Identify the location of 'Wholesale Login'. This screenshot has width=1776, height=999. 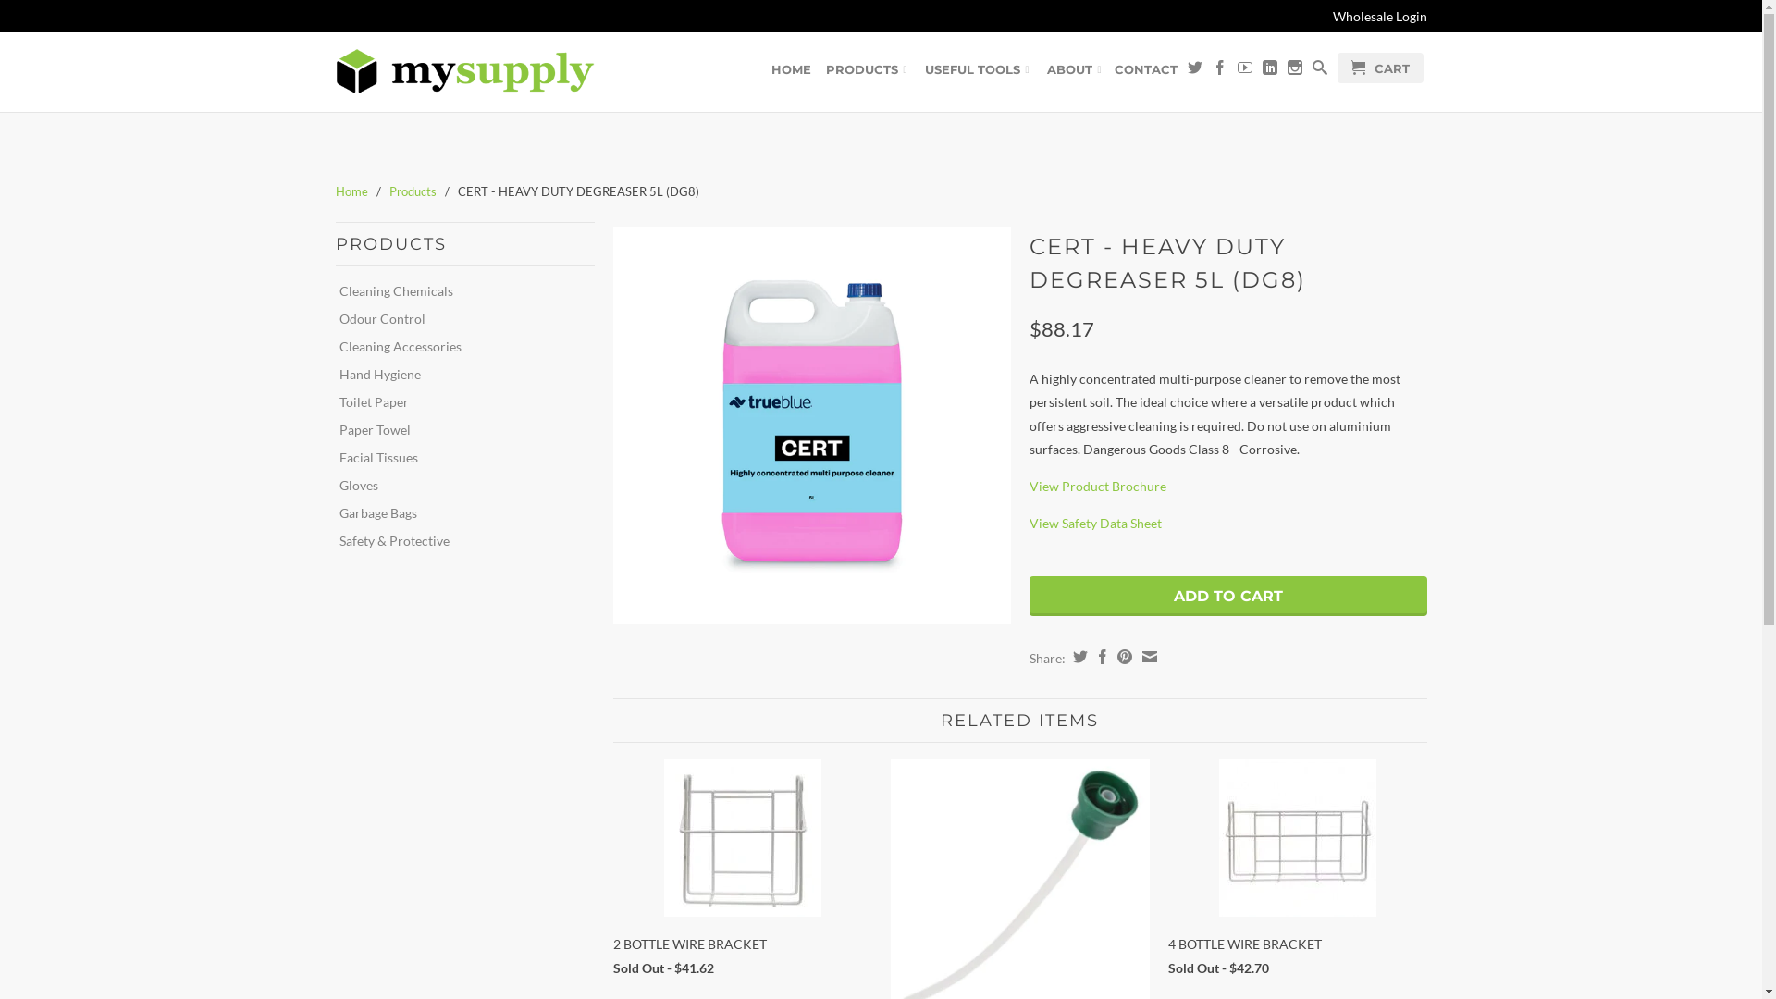
(1332, 16).